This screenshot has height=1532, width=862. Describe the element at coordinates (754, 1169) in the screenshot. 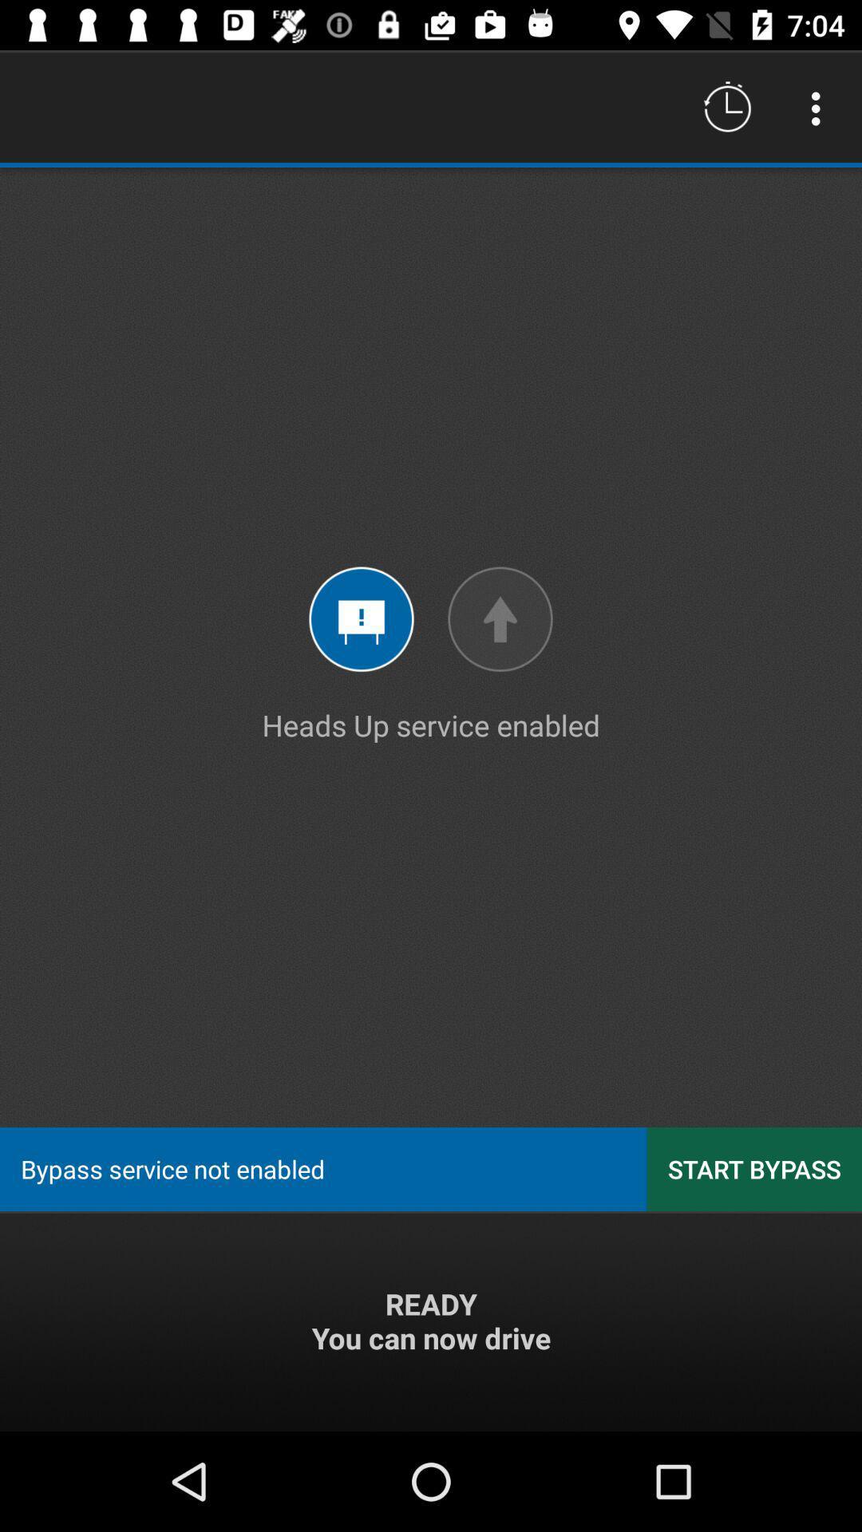

I see `the item at the bottom right corner` at that location.